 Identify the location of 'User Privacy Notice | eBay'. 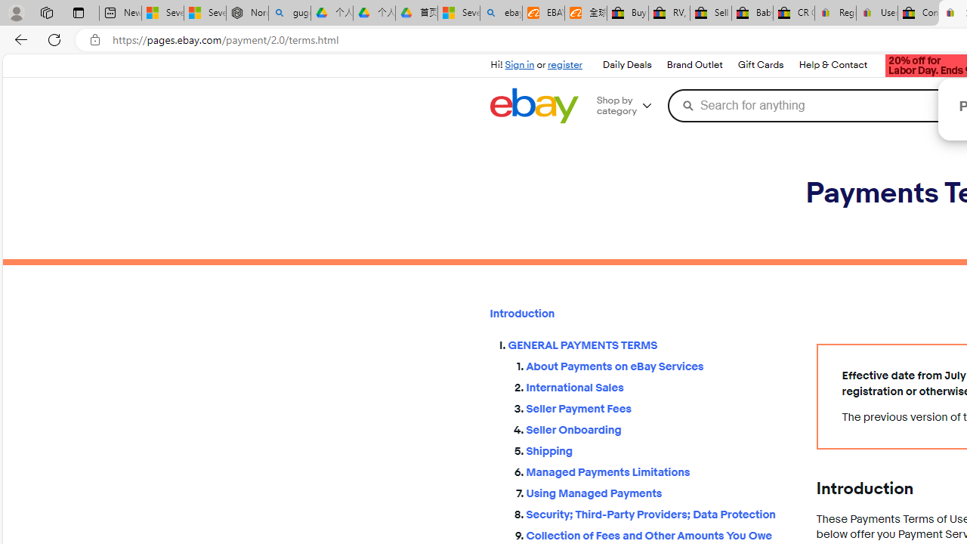
(876, 13).